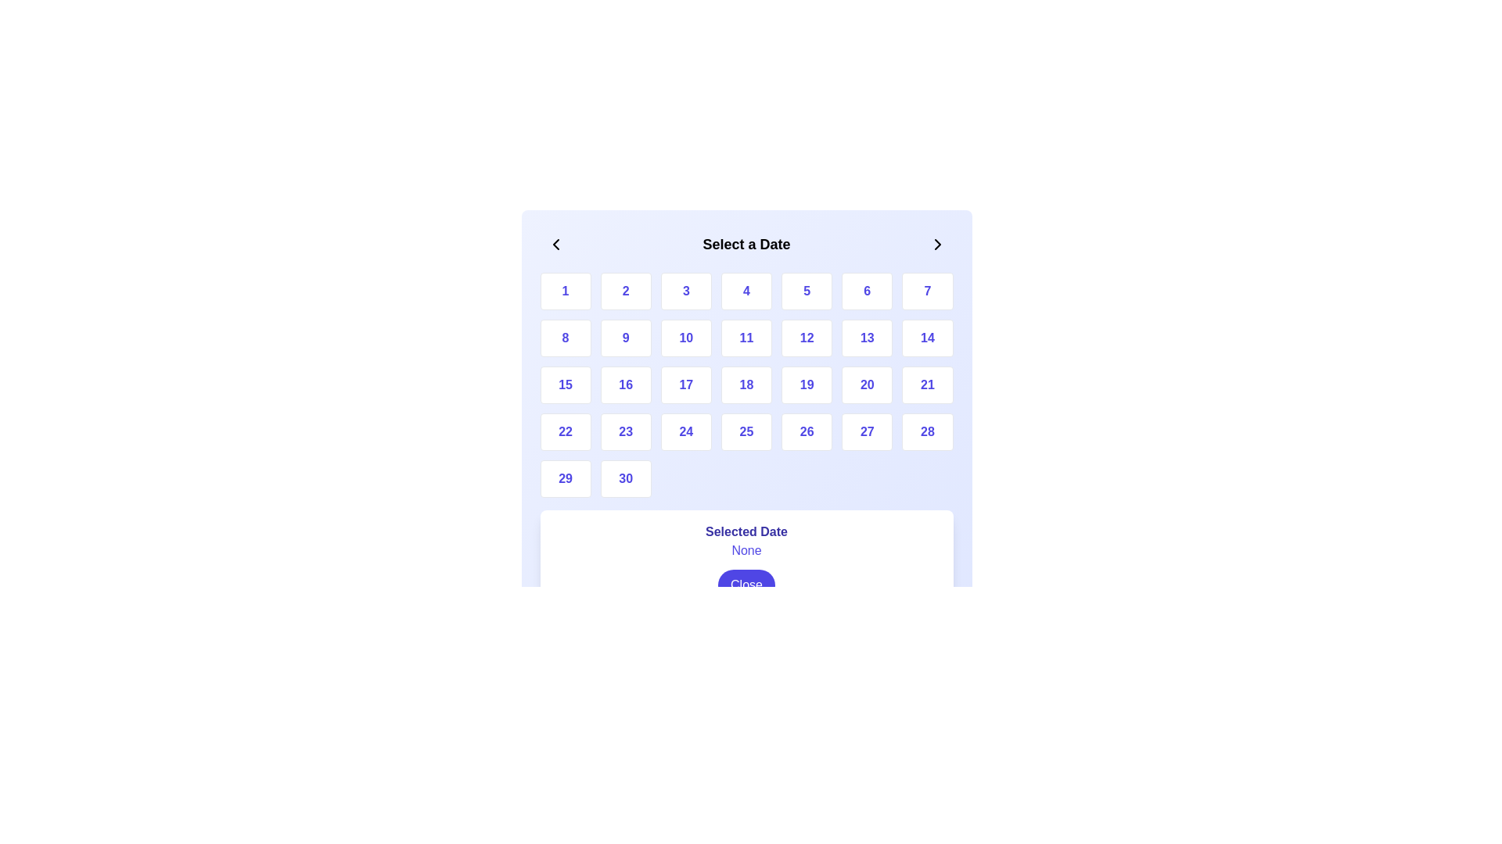 This screenshot has width=1502, height=844. What do you see at coordinates (626, 478) in the screenshot?
I see `the button representing the 30th date in the date picker interface` at bounding box center [626, 478].